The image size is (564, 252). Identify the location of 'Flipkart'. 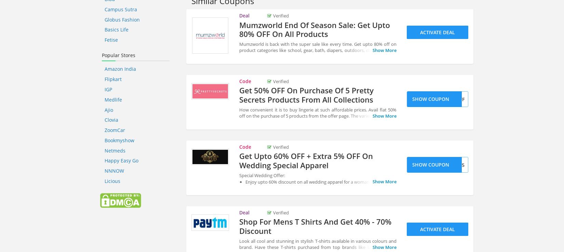
(113, 79).